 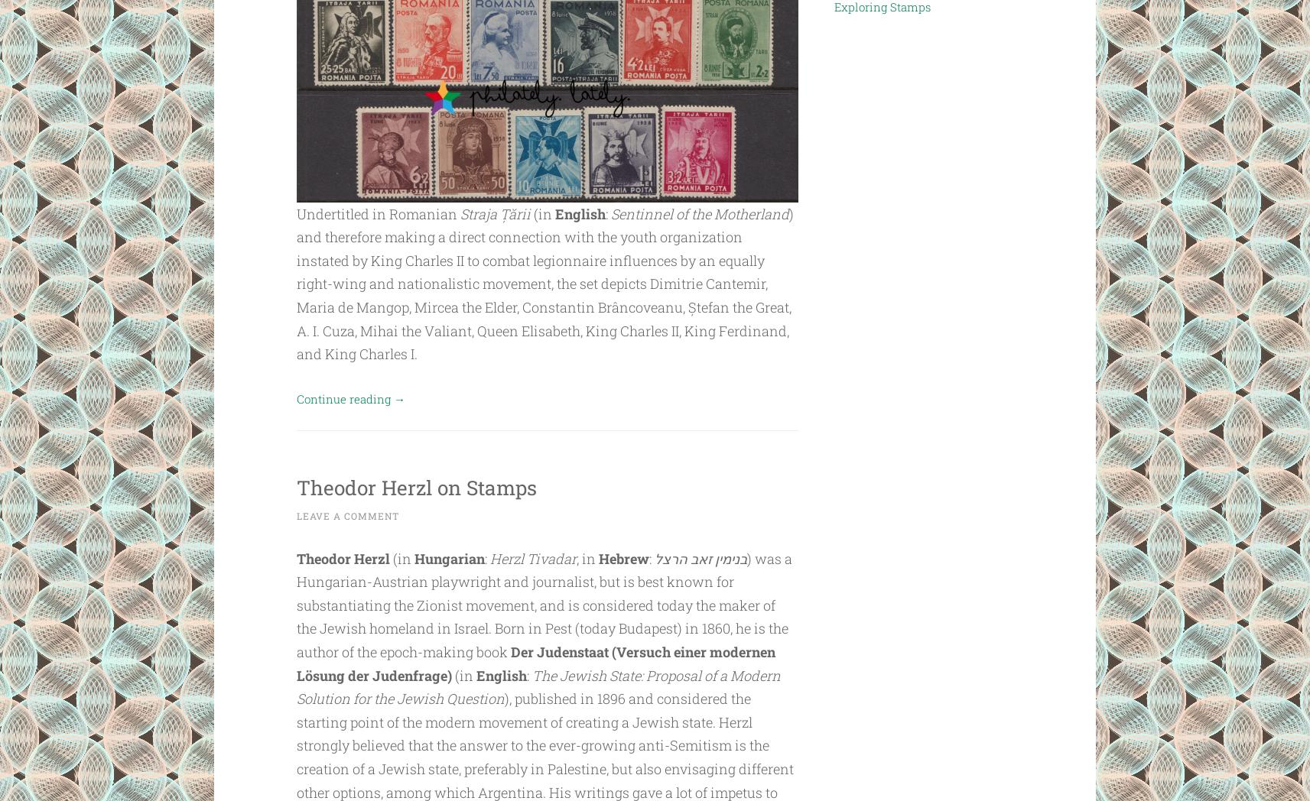 I want to click on ') was a Hungarian-Austrian playwright and journalist, but is best known for substantiating the Zionist movement, and is considered today the maker of the Jewish homeland in Israel. Born in Pest (today Budapest) in 1860, he is the author of the epoch-making book', so click(x=543, y=604).